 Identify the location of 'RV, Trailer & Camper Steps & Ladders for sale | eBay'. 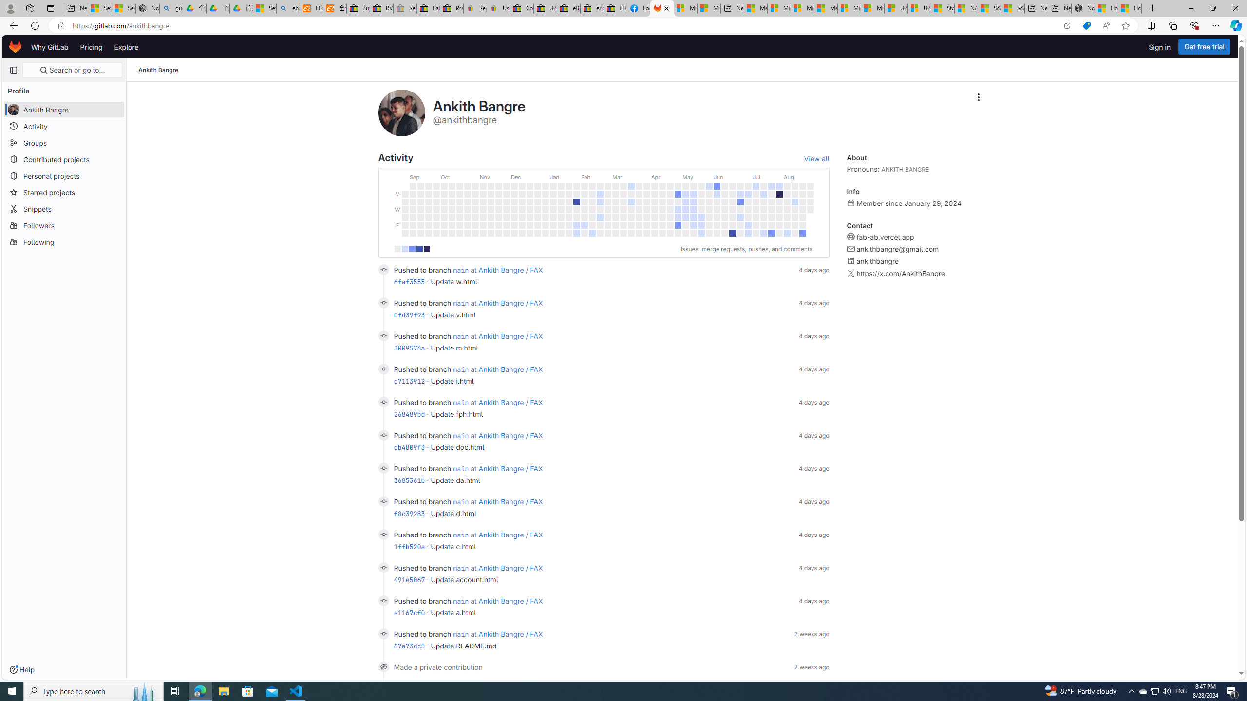
(381, 8).